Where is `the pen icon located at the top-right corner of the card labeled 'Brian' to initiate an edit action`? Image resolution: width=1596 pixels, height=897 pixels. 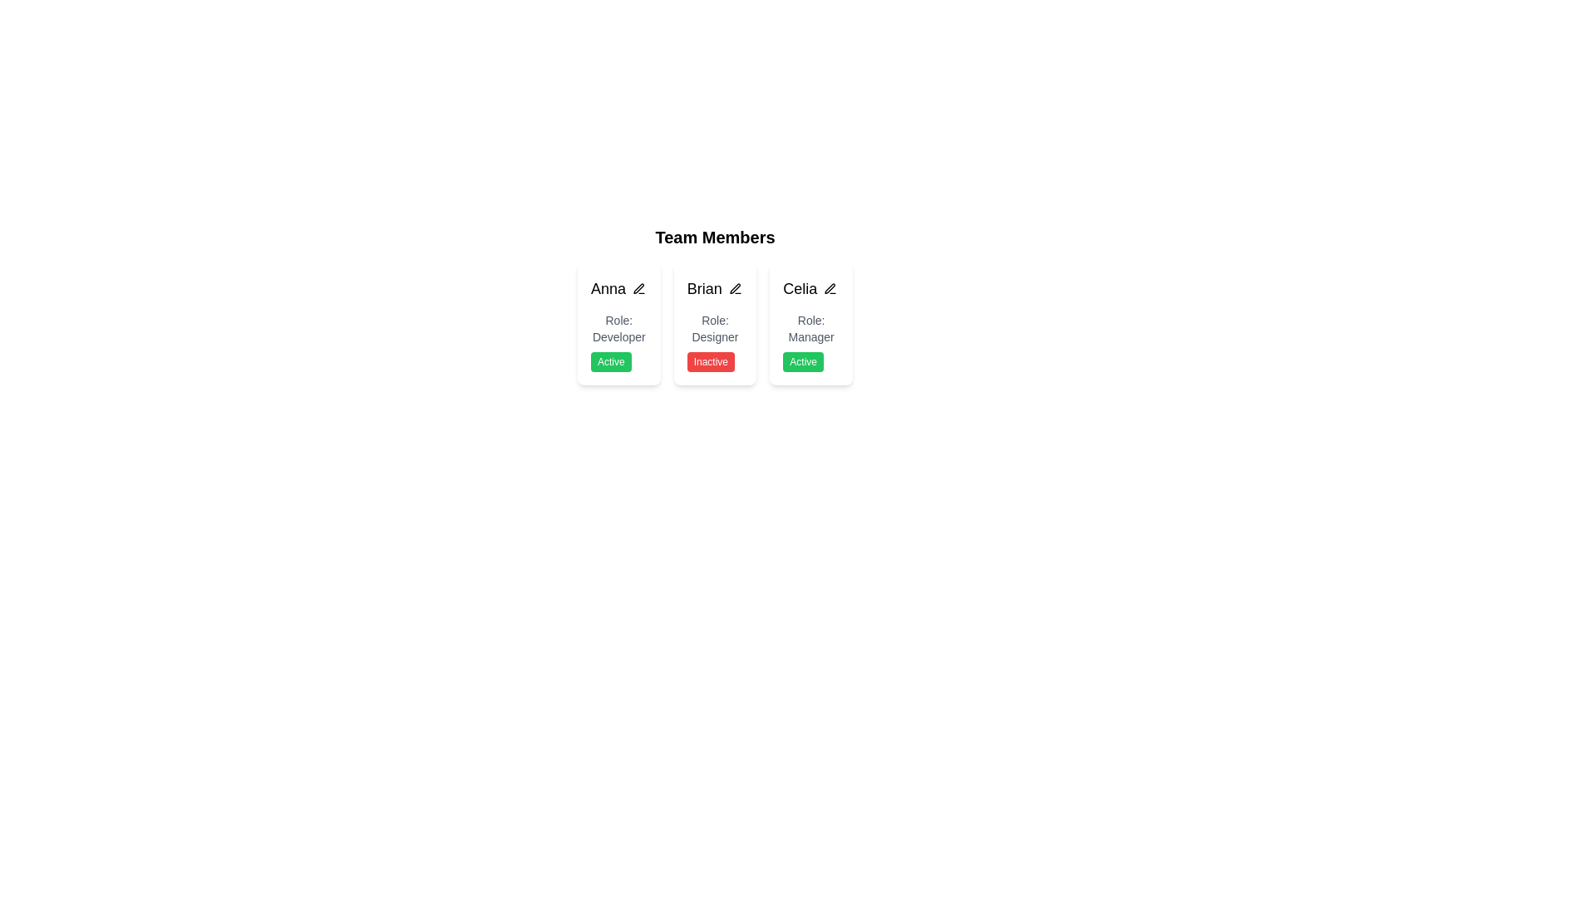 the pen icon located at the top-right corner of the card labeled 'Brian' to initiate an edit action is located at coordinates (734, 287).